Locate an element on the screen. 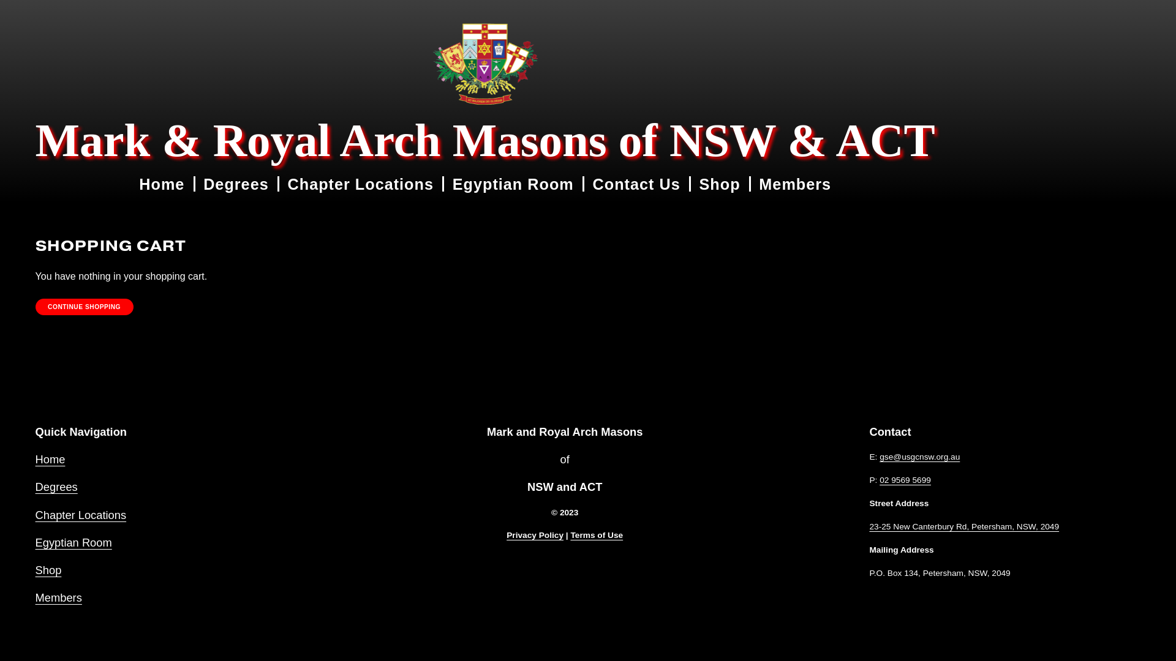 Image resolution: width=1176 pixels, height=661 pixels. 'CONTINUE SHOPPING' is located at coordinates (84, 306).